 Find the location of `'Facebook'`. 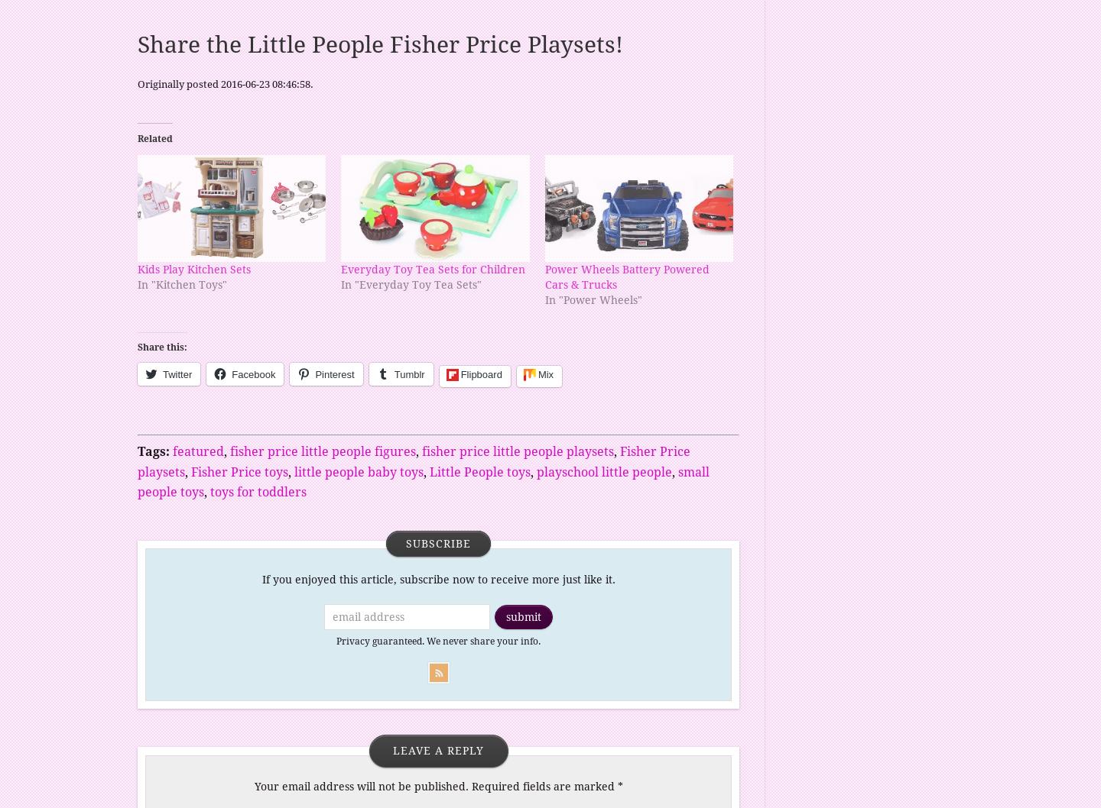

'Facebook' is located at coordinates (231, 373).